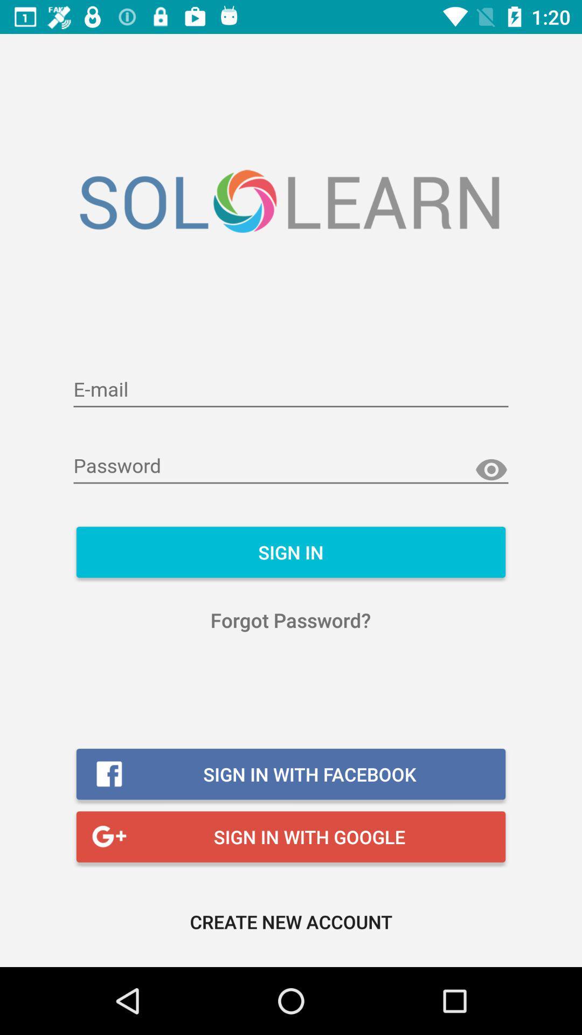  What do you see at coordinates (291, 390) in the screenshot?
I see `enters email address` at bounding box center [291, 390].